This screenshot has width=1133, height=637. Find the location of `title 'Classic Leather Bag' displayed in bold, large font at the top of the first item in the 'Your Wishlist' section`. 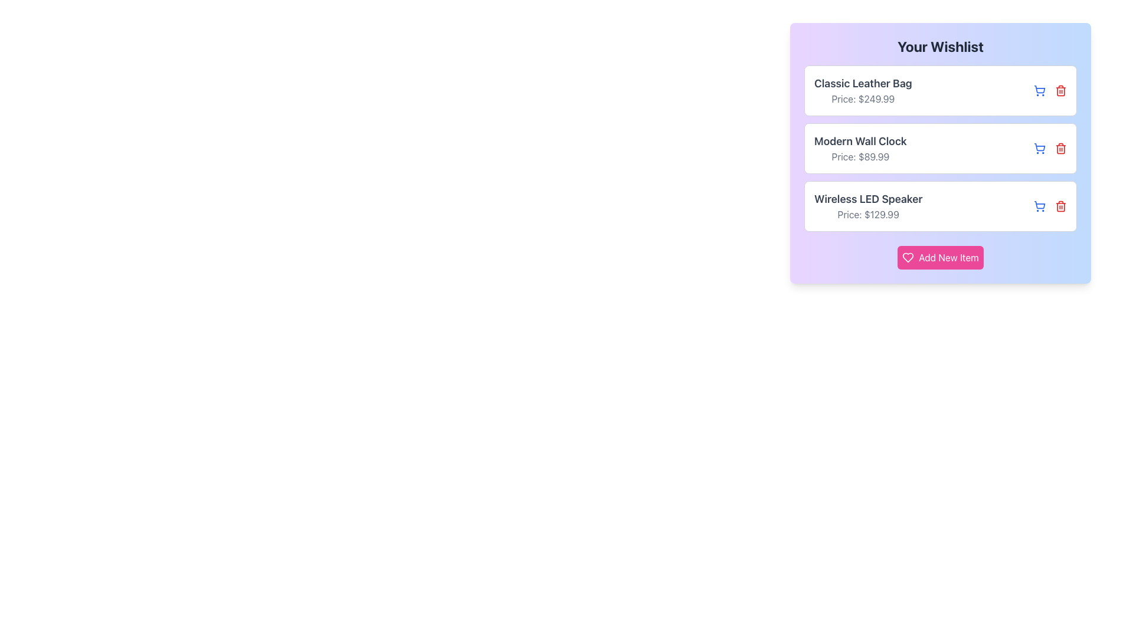

title 'Classic Leather Bag' displayed in bold, large font at the top of the first item in the 'Your Wishlist' section is located at coordinates (863, 83).